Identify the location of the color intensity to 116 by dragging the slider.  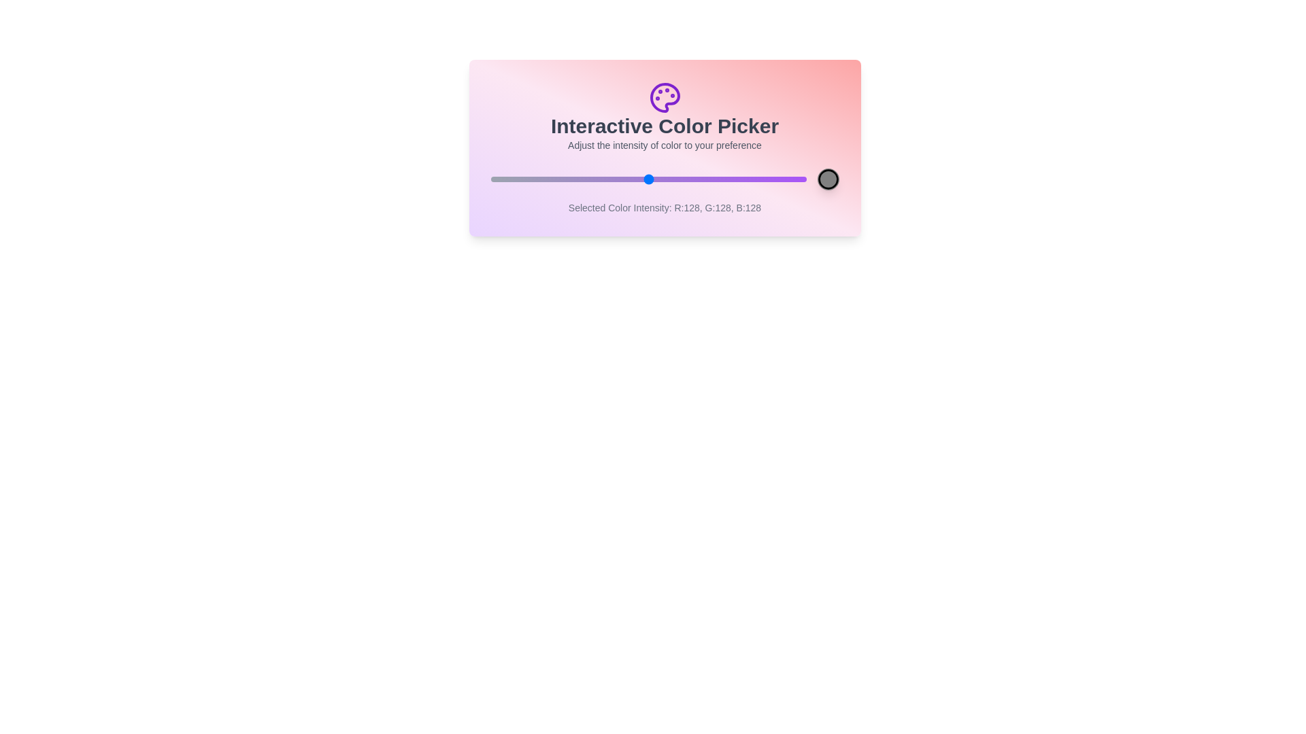
(633, 178).